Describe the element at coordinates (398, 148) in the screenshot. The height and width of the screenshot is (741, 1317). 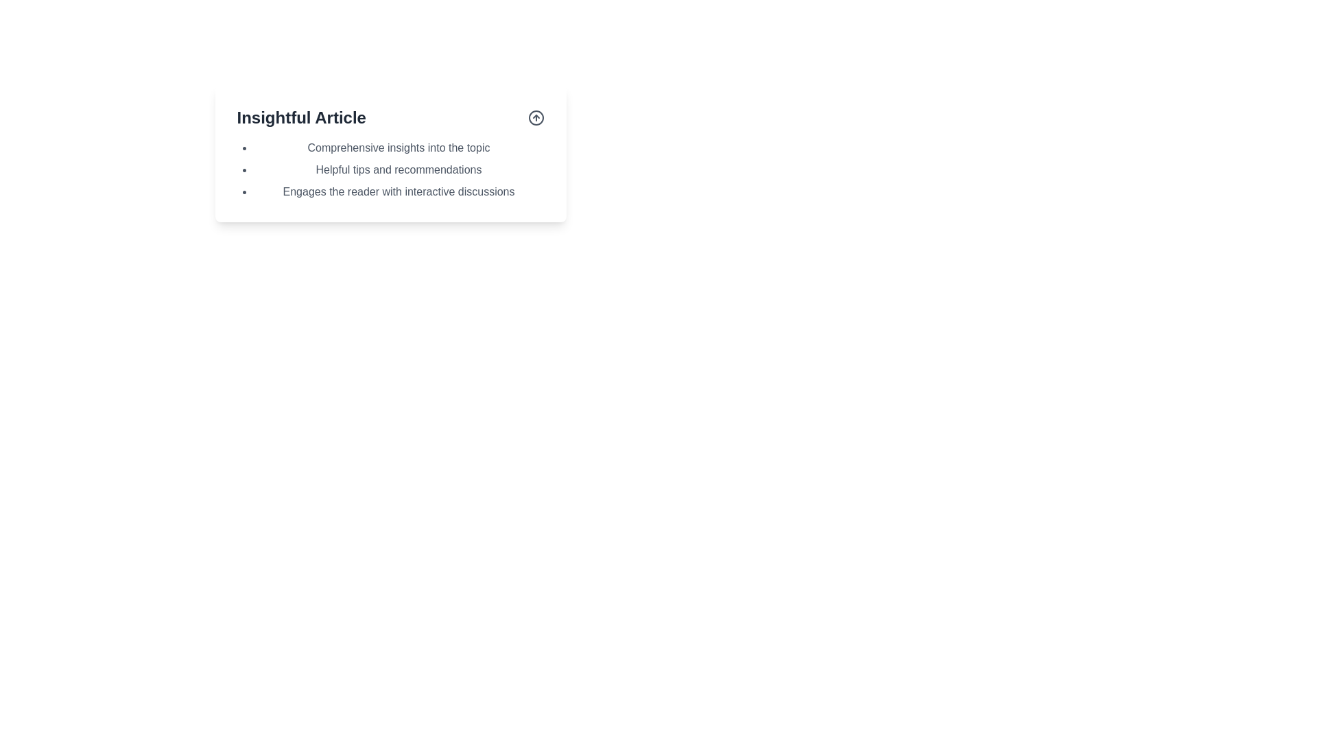
I see `text of the first list item under the heading 'Insightful Article', which states 'Comprehensive insights into the topic'` at that location.